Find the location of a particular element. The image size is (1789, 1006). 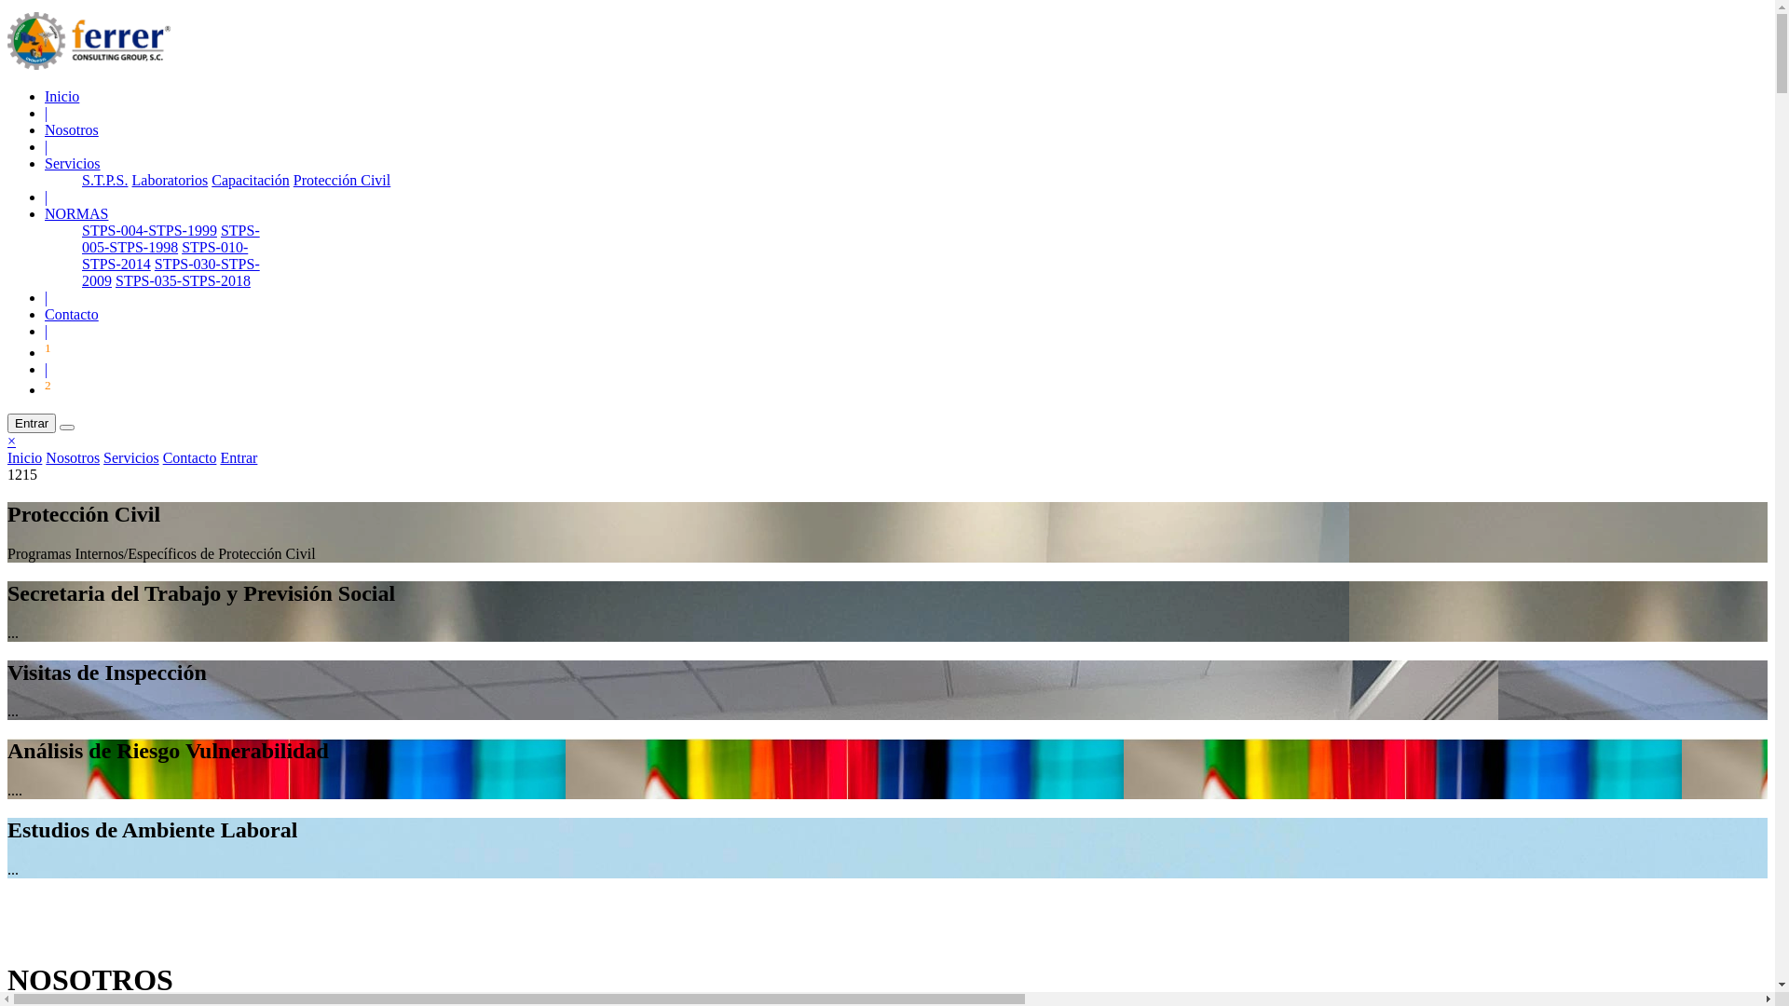

'NORMAS' is located at coordinates (75, 212).